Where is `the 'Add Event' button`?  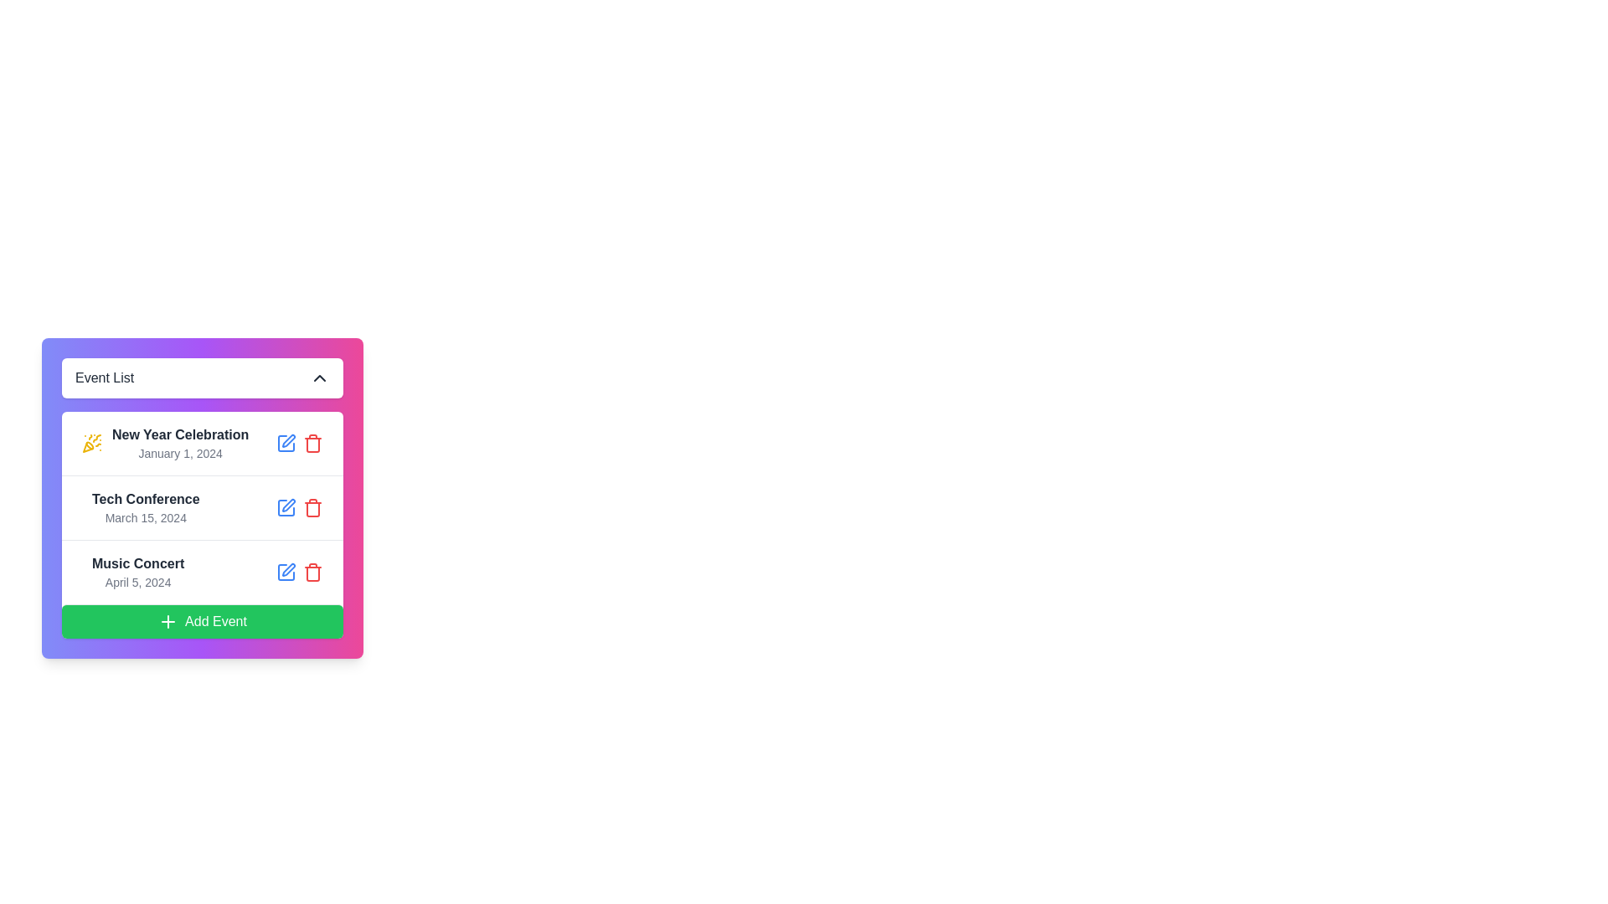 the 'Add Event' button is located at coordinates (201, 621).